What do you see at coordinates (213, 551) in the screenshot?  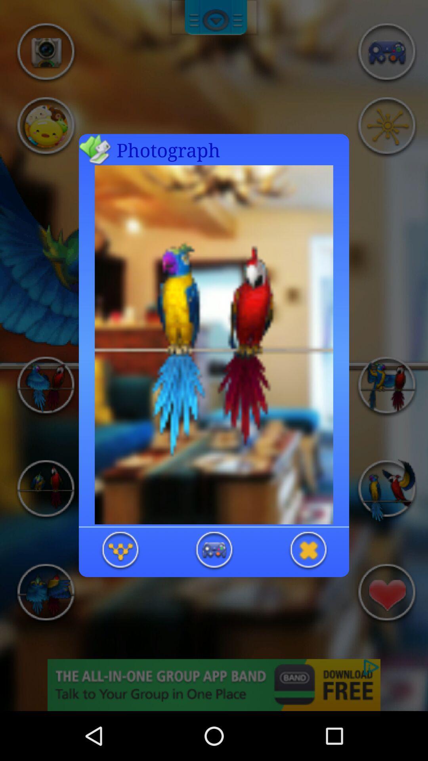 I see `start the event` at bounding box center [213, 551].